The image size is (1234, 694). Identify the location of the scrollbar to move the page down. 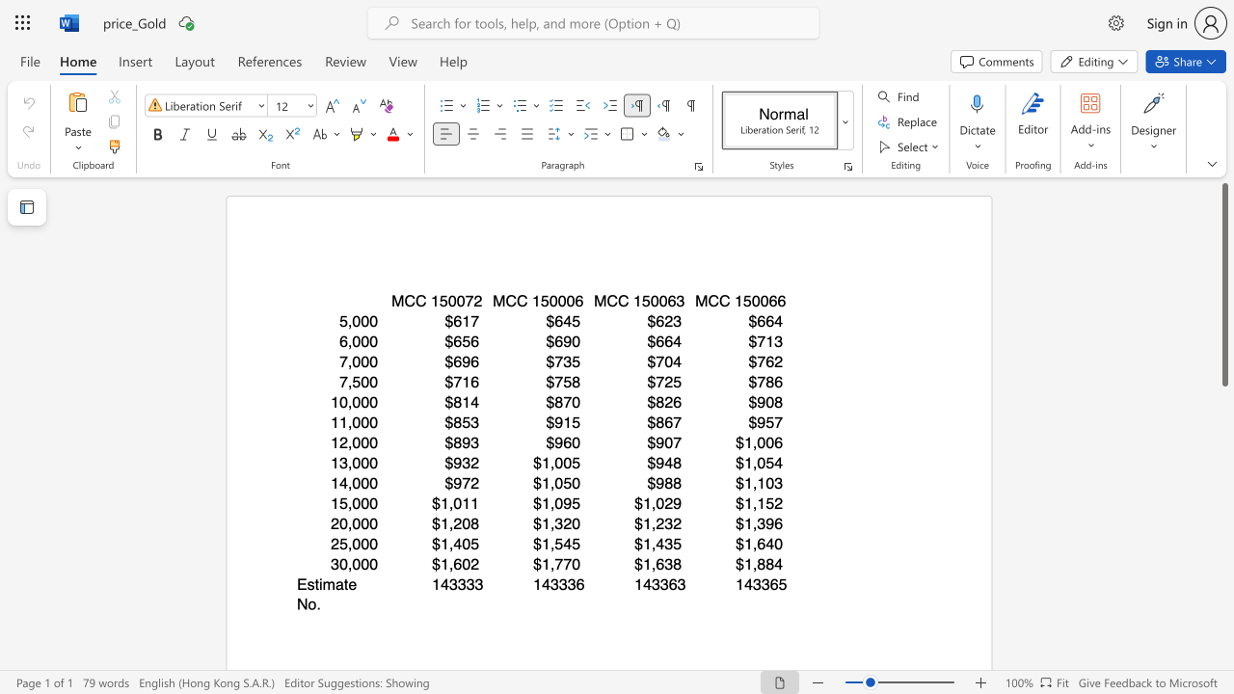
(1223, 549).